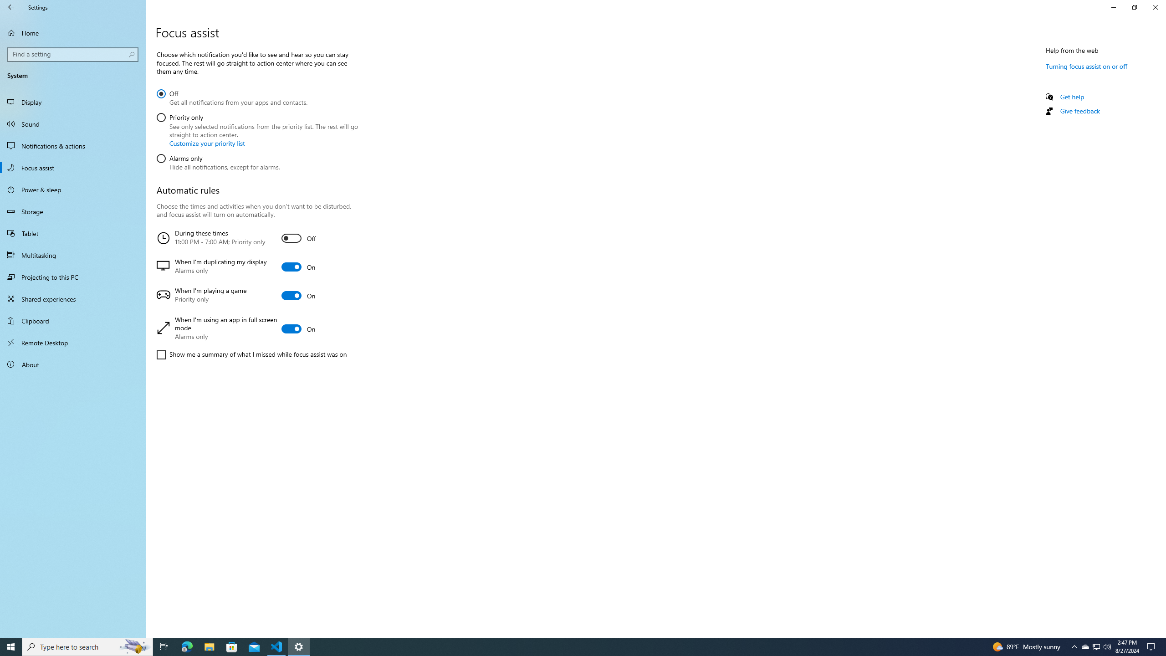  What do you see at coordinates (72, 232) in the screenshot?
I see `'Tablet'` at bounding box center [72, 232].